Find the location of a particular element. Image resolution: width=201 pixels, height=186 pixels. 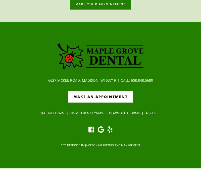

'6627 McKee Road, Madison, WI 53719' is located at coordinates (81, 80).